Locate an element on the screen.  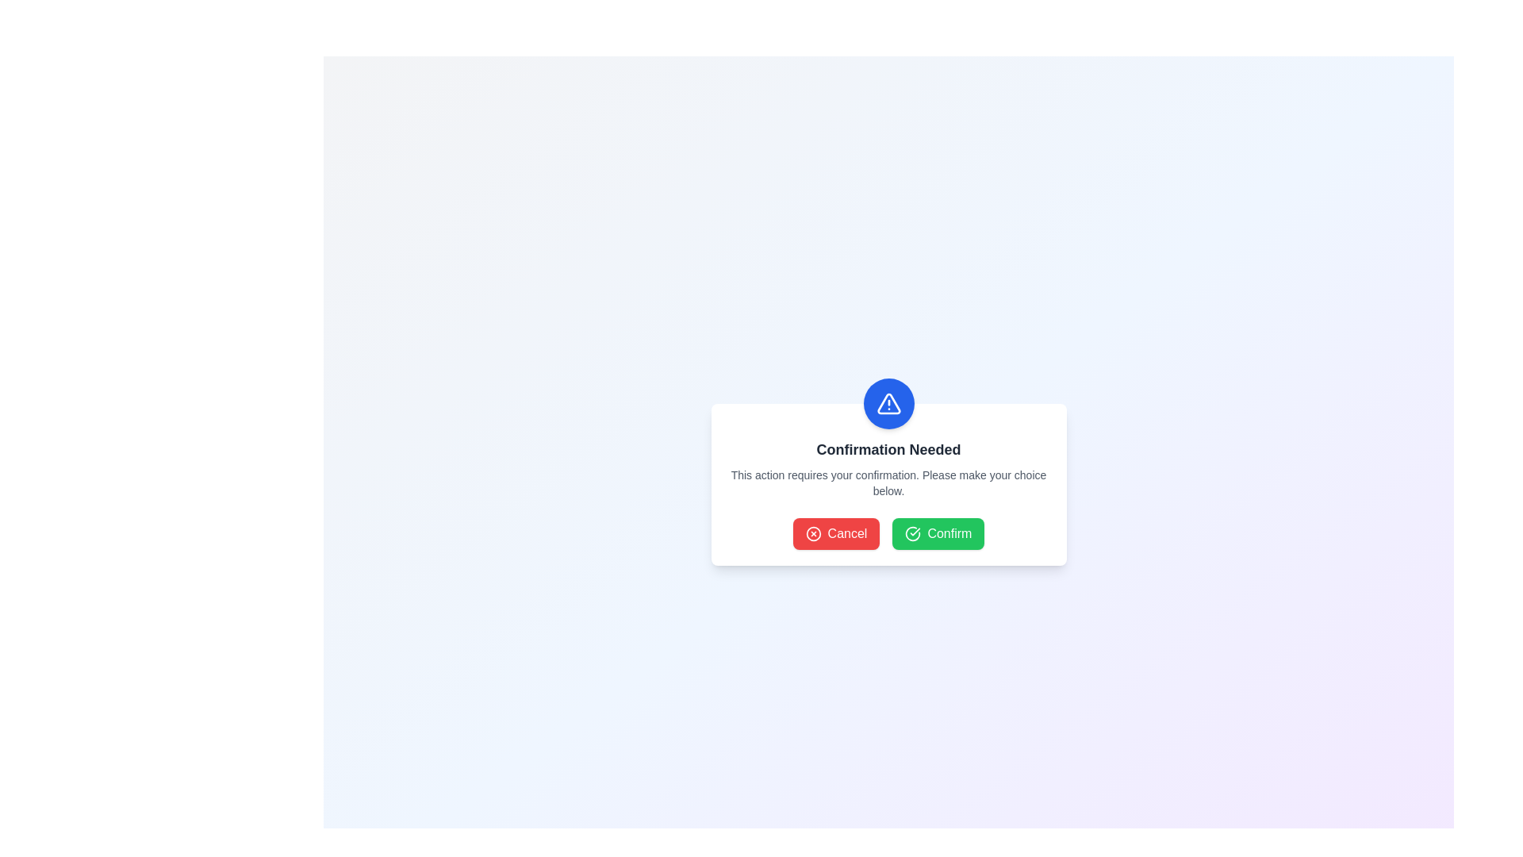
the icon located inside the 'Cancel' button, which is positioned to the left of the text label 'Cancel' is located at coordinates (813, 533).